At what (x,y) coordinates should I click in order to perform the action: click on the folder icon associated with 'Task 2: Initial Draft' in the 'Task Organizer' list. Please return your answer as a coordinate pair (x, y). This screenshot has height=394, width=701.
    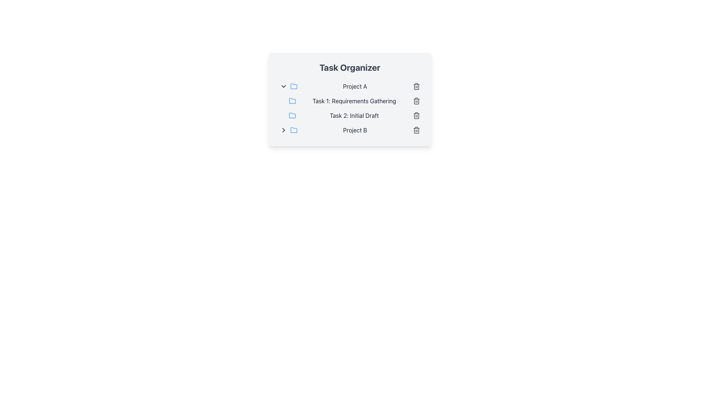
    Looking at the image, I should click on (292, 115).